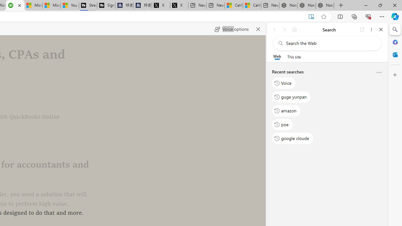  I want to click on 'Outlook', so click(395, 54).